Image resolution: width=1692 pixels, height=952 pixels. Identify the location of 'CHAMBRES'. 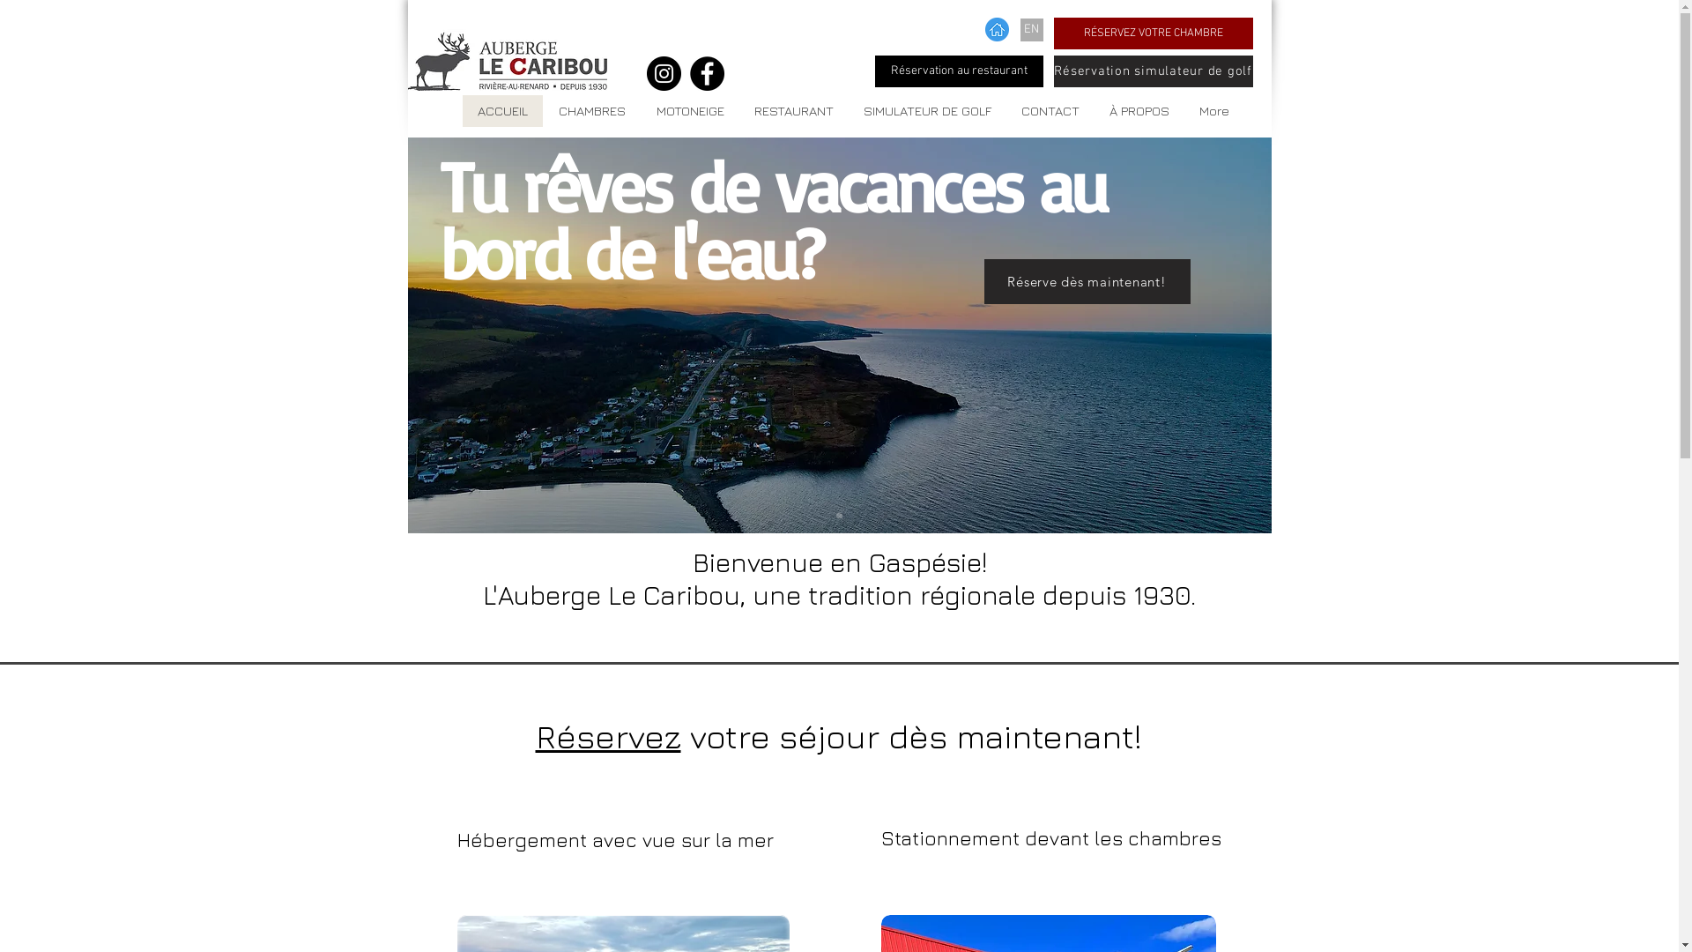
(591, 111).